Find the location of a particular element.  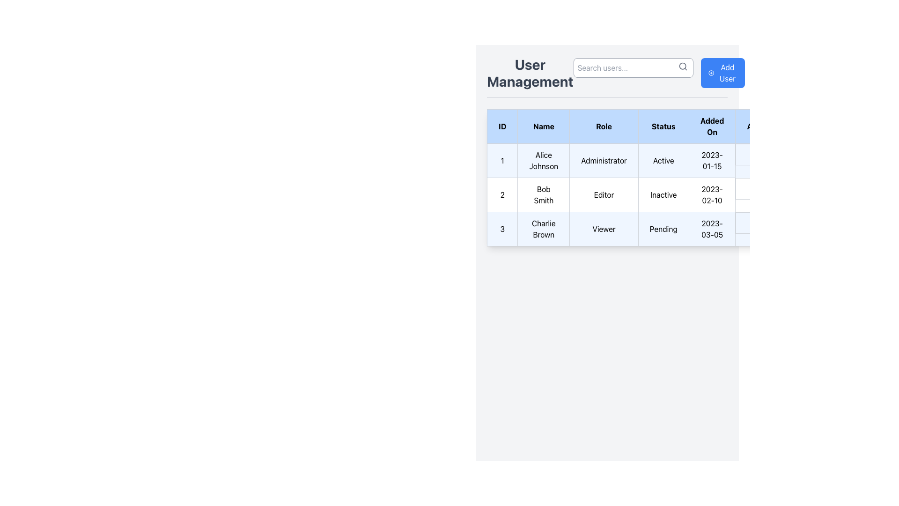

the user name label located in the second row of the user management table under the 'Name' column is located at coordinates (544, 194).